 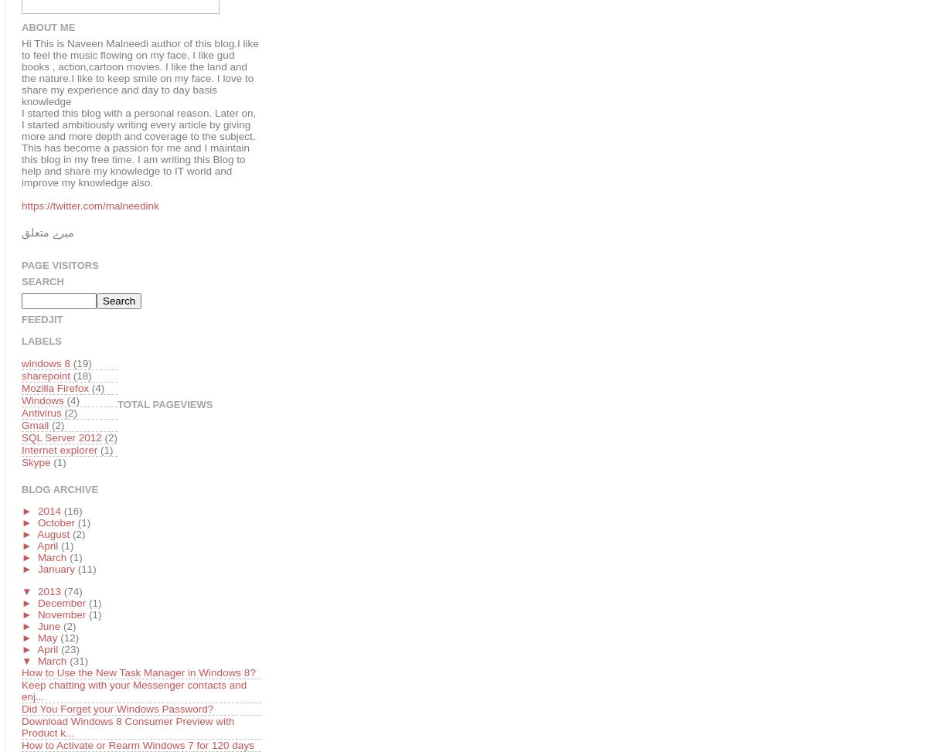 What do you see at coordinates (36, 461) in the screenshot?
I see `'Skype'` at bounding box center [36, 461].